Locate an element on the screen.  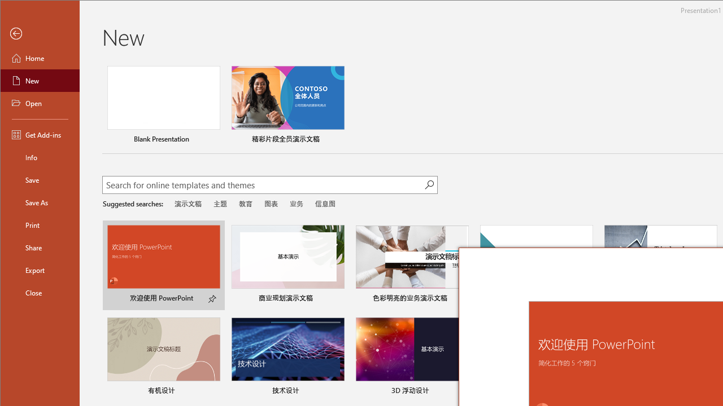
'Export' is located at coordinates (40, 270).